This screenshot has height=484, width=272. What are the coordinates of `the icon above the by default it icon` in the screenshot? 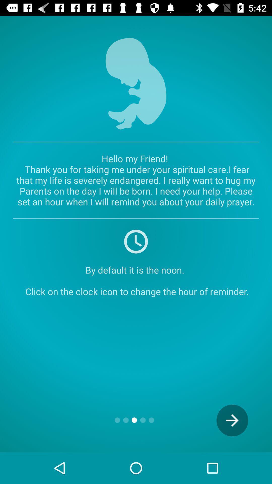 It's located at (136, 241).